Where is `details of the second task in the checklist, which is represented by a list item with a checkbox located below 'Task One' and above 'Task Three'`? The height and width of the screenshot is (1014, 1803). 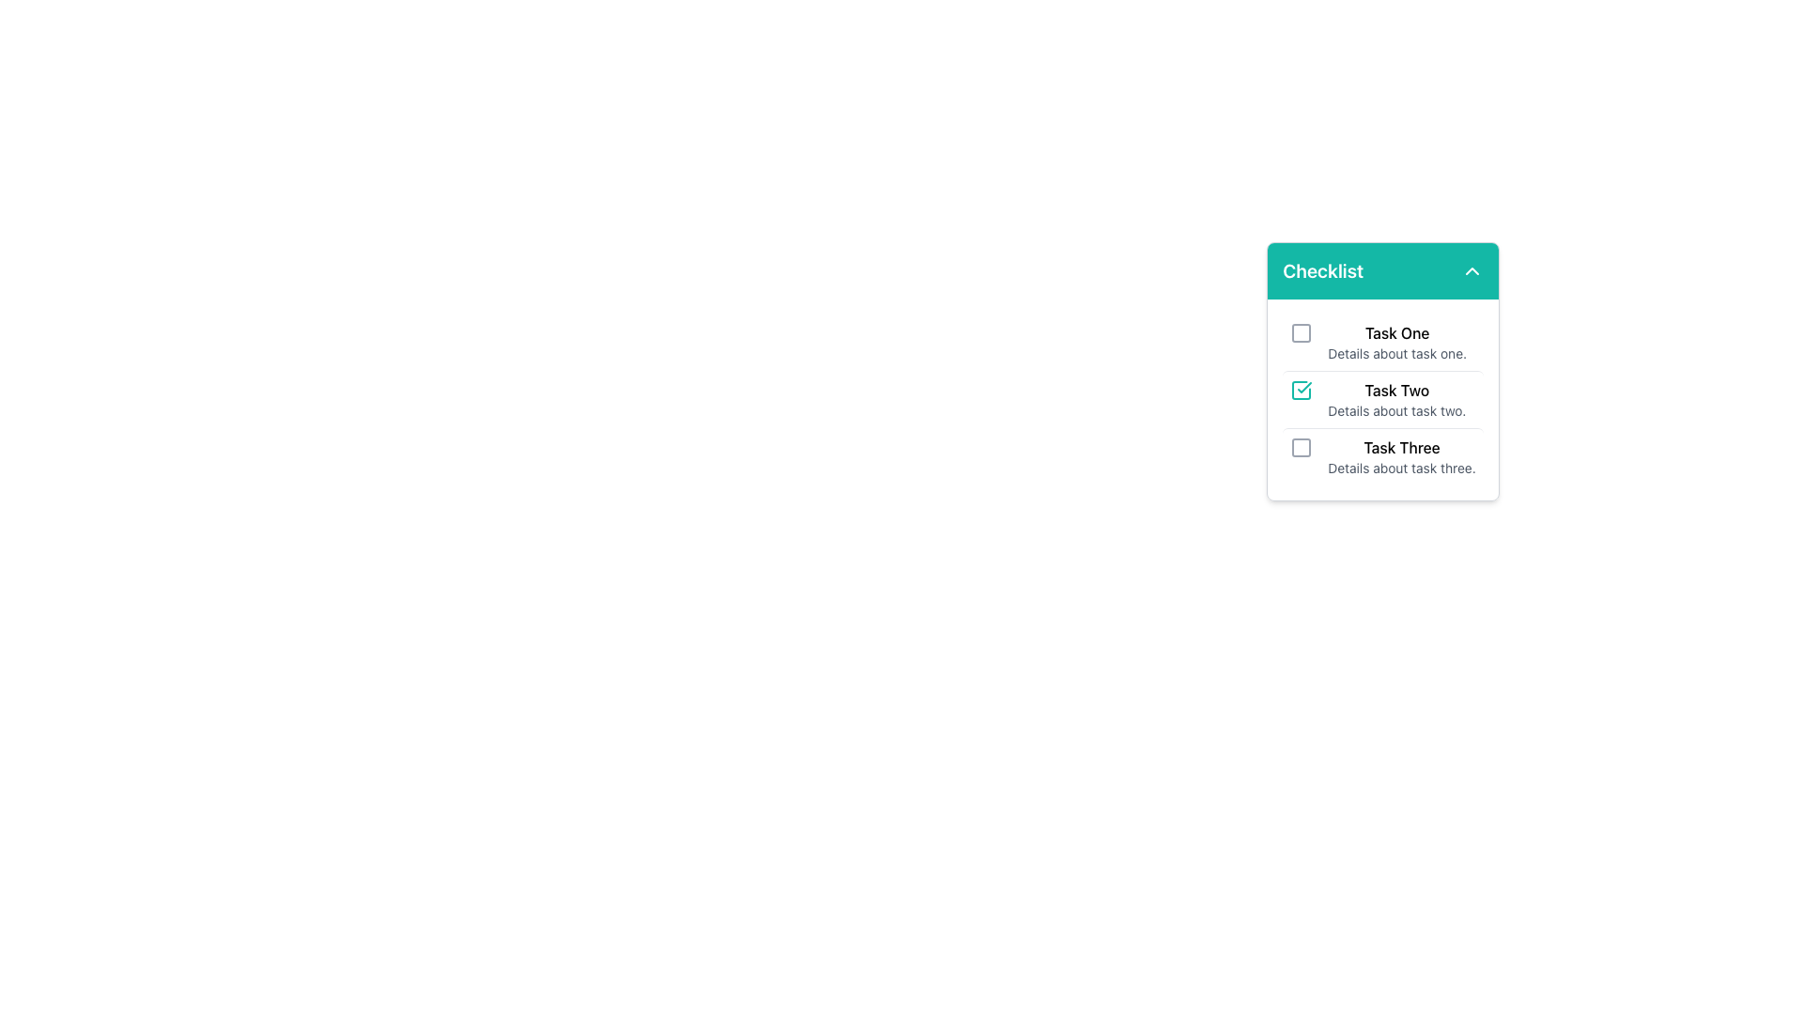 details of the second task in the checklist, which is represented by a list item with a checkbox located below 'Task One' and above 'Task Three' is located at coordinates (1383, 398).